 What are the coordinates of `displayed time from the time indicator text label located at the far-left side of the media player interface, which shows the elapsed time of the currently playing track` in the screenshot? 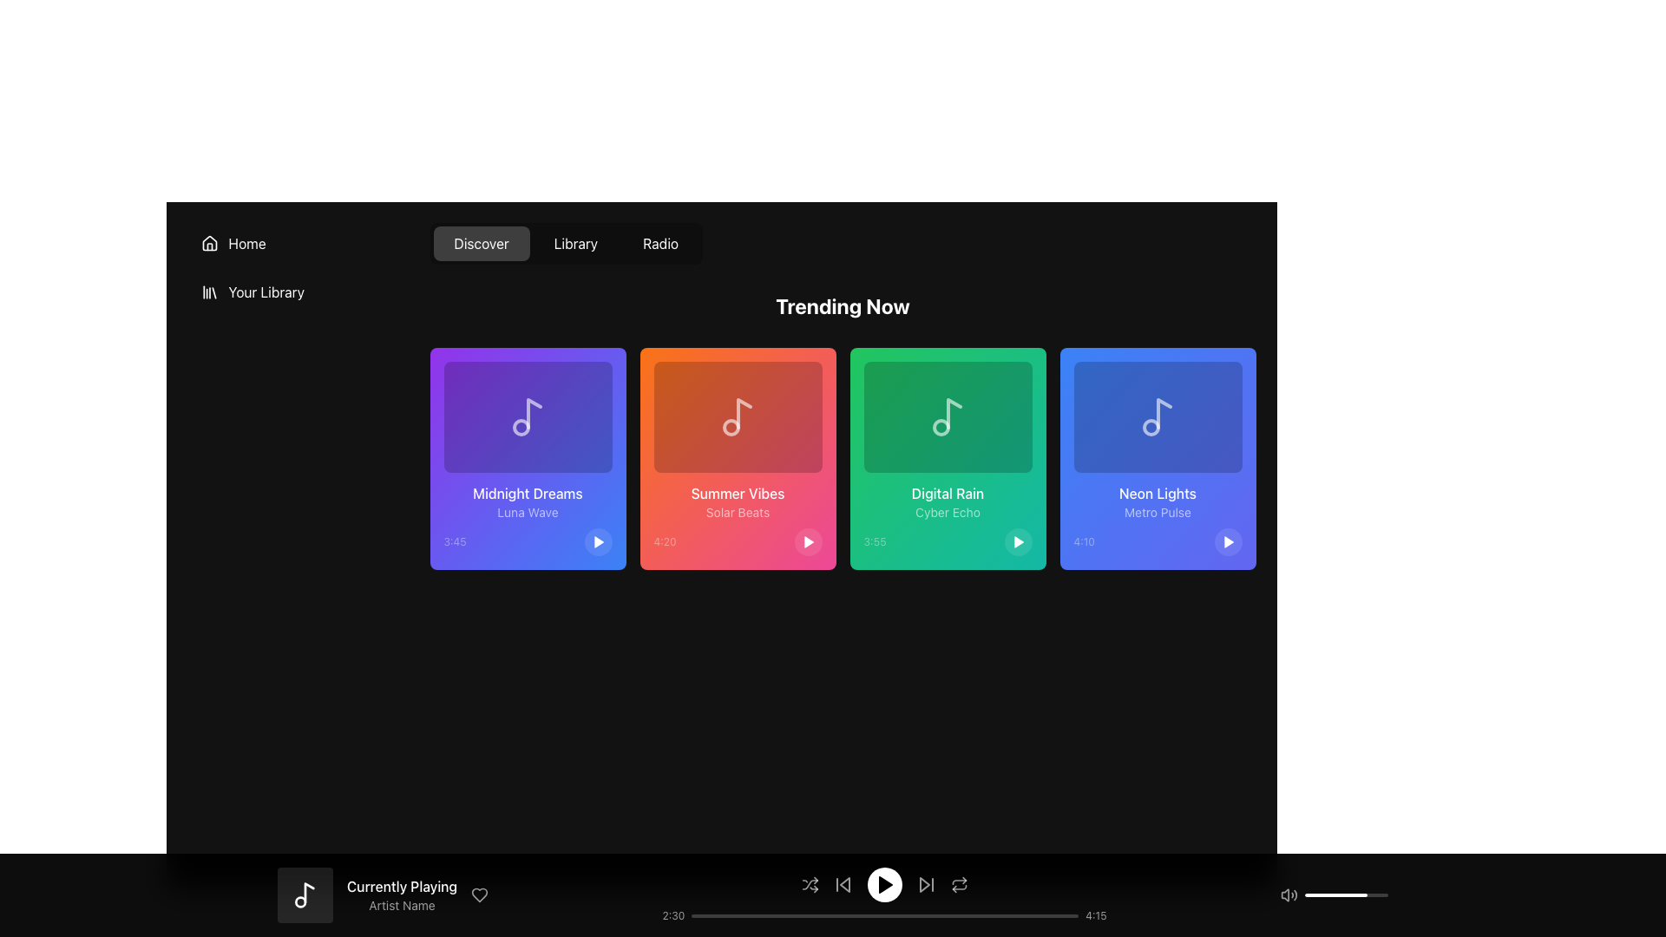 It's located at (672, 915).